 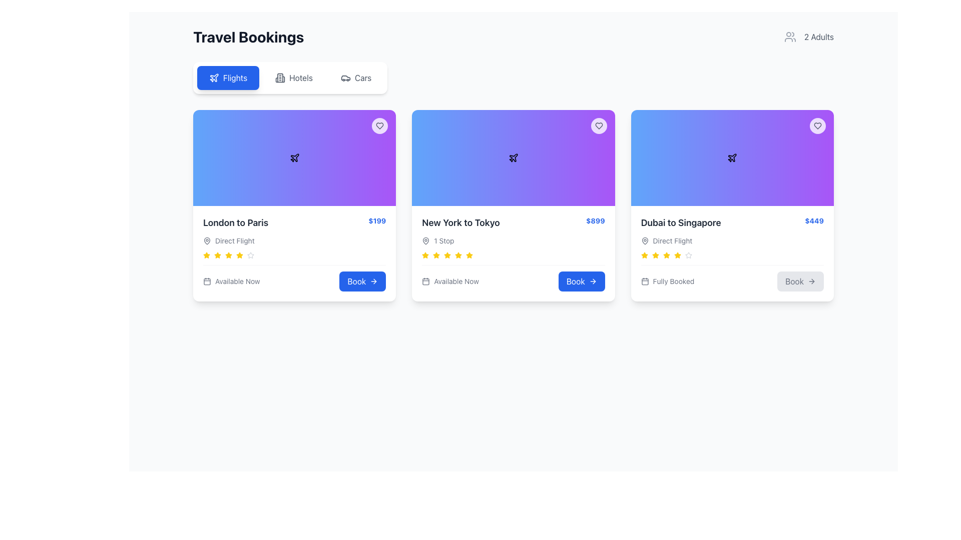 I want to click on the plane icon located at the center of the gradient background in the flight information card for 'Dubai to Singapore', so click(x=732, y=157).